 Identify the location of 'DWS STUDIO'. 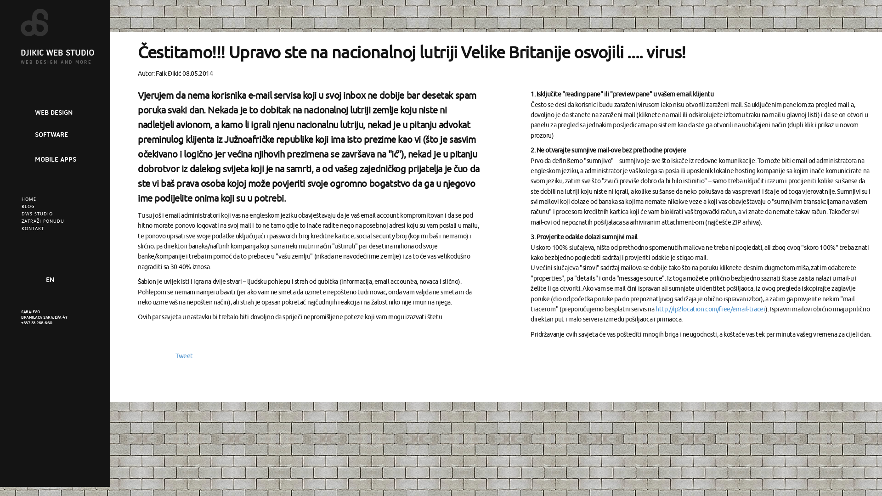
(37, 214).